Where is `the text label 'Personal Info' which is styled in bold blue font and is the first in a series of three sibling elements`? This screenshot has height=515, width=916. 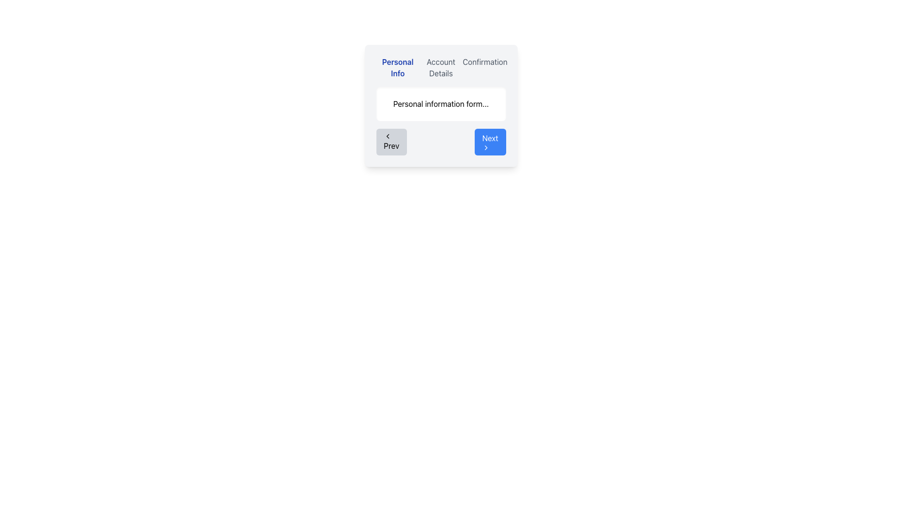 the text label 'Personal Info' which is styled in bold blue font and is the first in a series of three sibling elements is located at coordinates (397, 67).